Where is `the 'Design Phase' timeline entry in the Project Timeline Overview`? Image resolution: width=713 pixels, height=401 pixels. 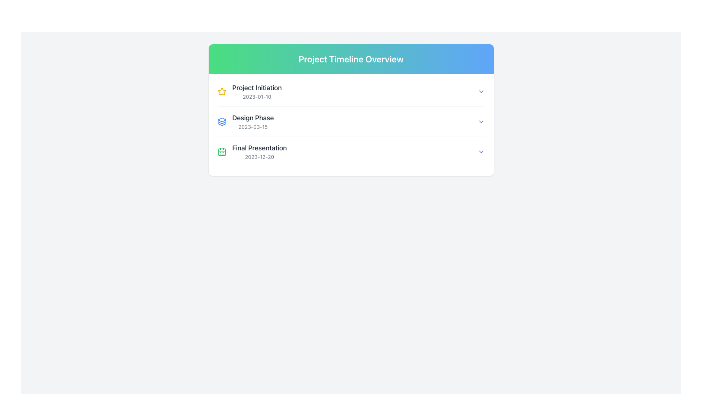
the 'Design Phase' timeline entry in the Project Timeline Overview is located at coordinates (351, 121).